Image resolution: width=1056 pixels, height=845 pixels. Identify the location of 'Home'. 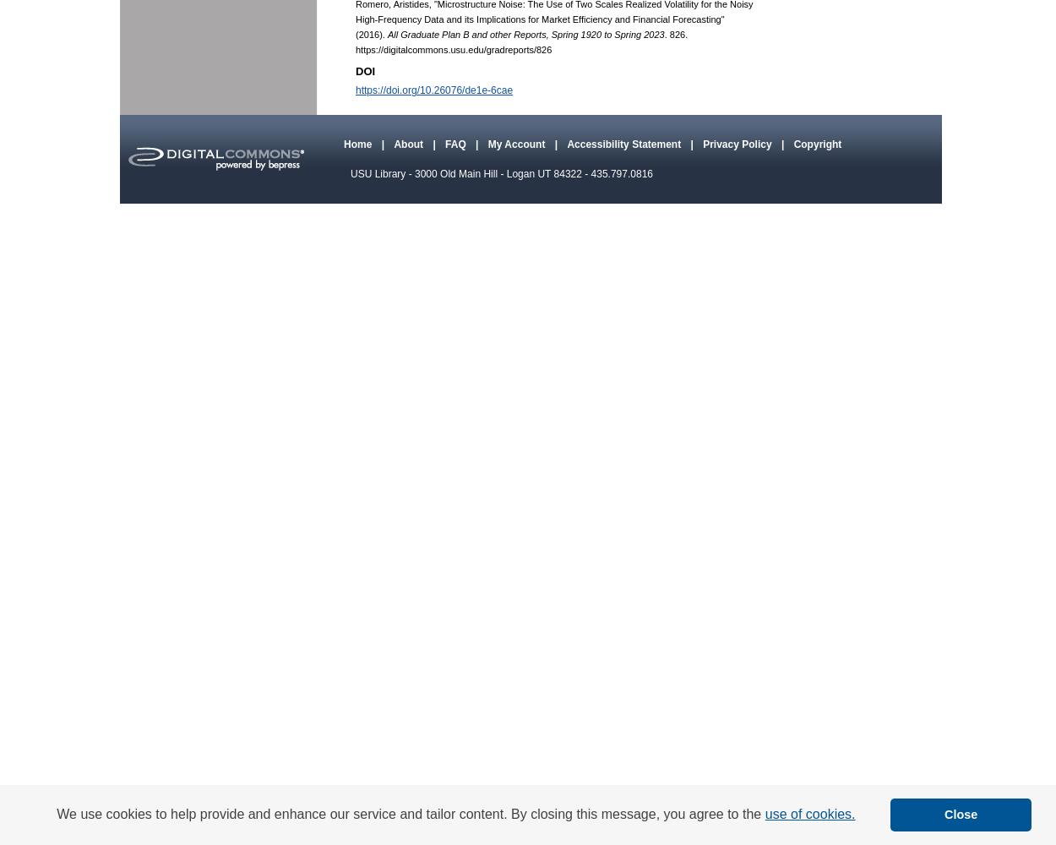
(359, 144).